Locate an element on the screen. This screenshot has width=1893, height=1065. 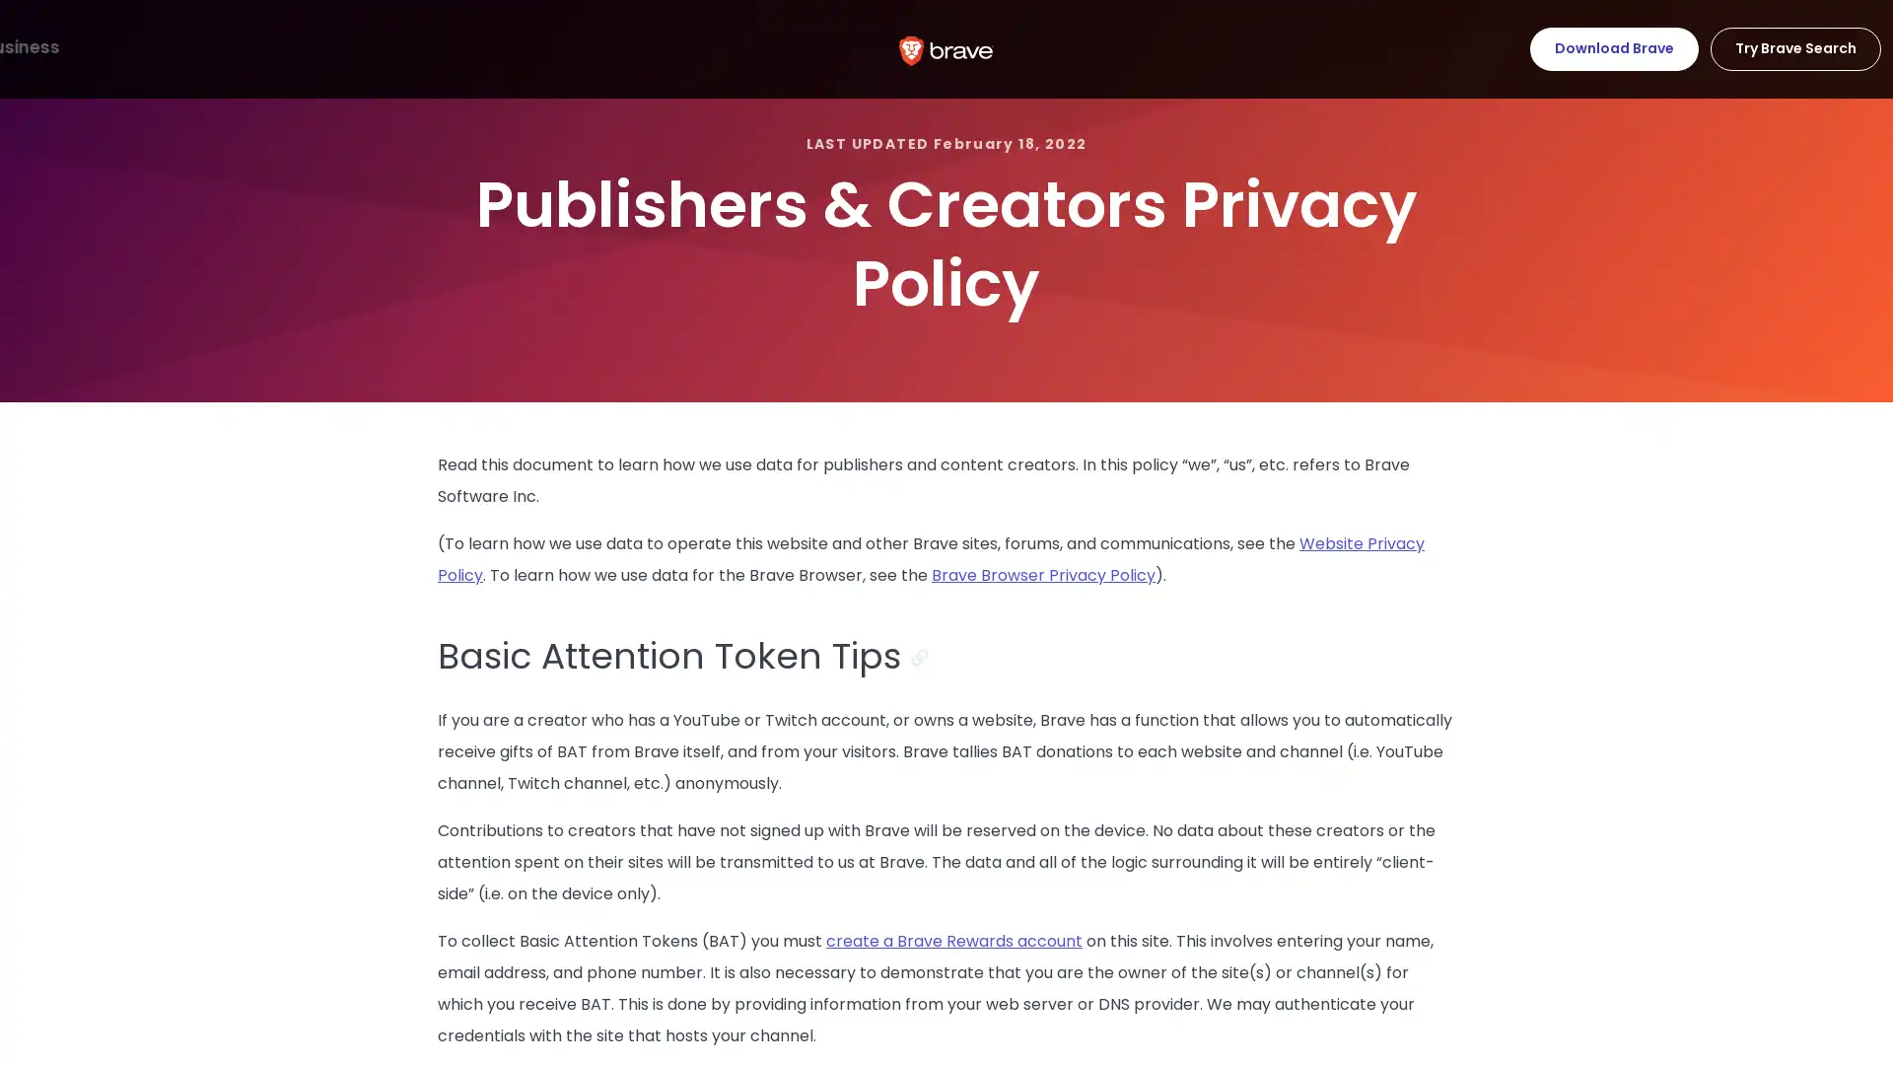
Products is located at coordinates (158, 47).